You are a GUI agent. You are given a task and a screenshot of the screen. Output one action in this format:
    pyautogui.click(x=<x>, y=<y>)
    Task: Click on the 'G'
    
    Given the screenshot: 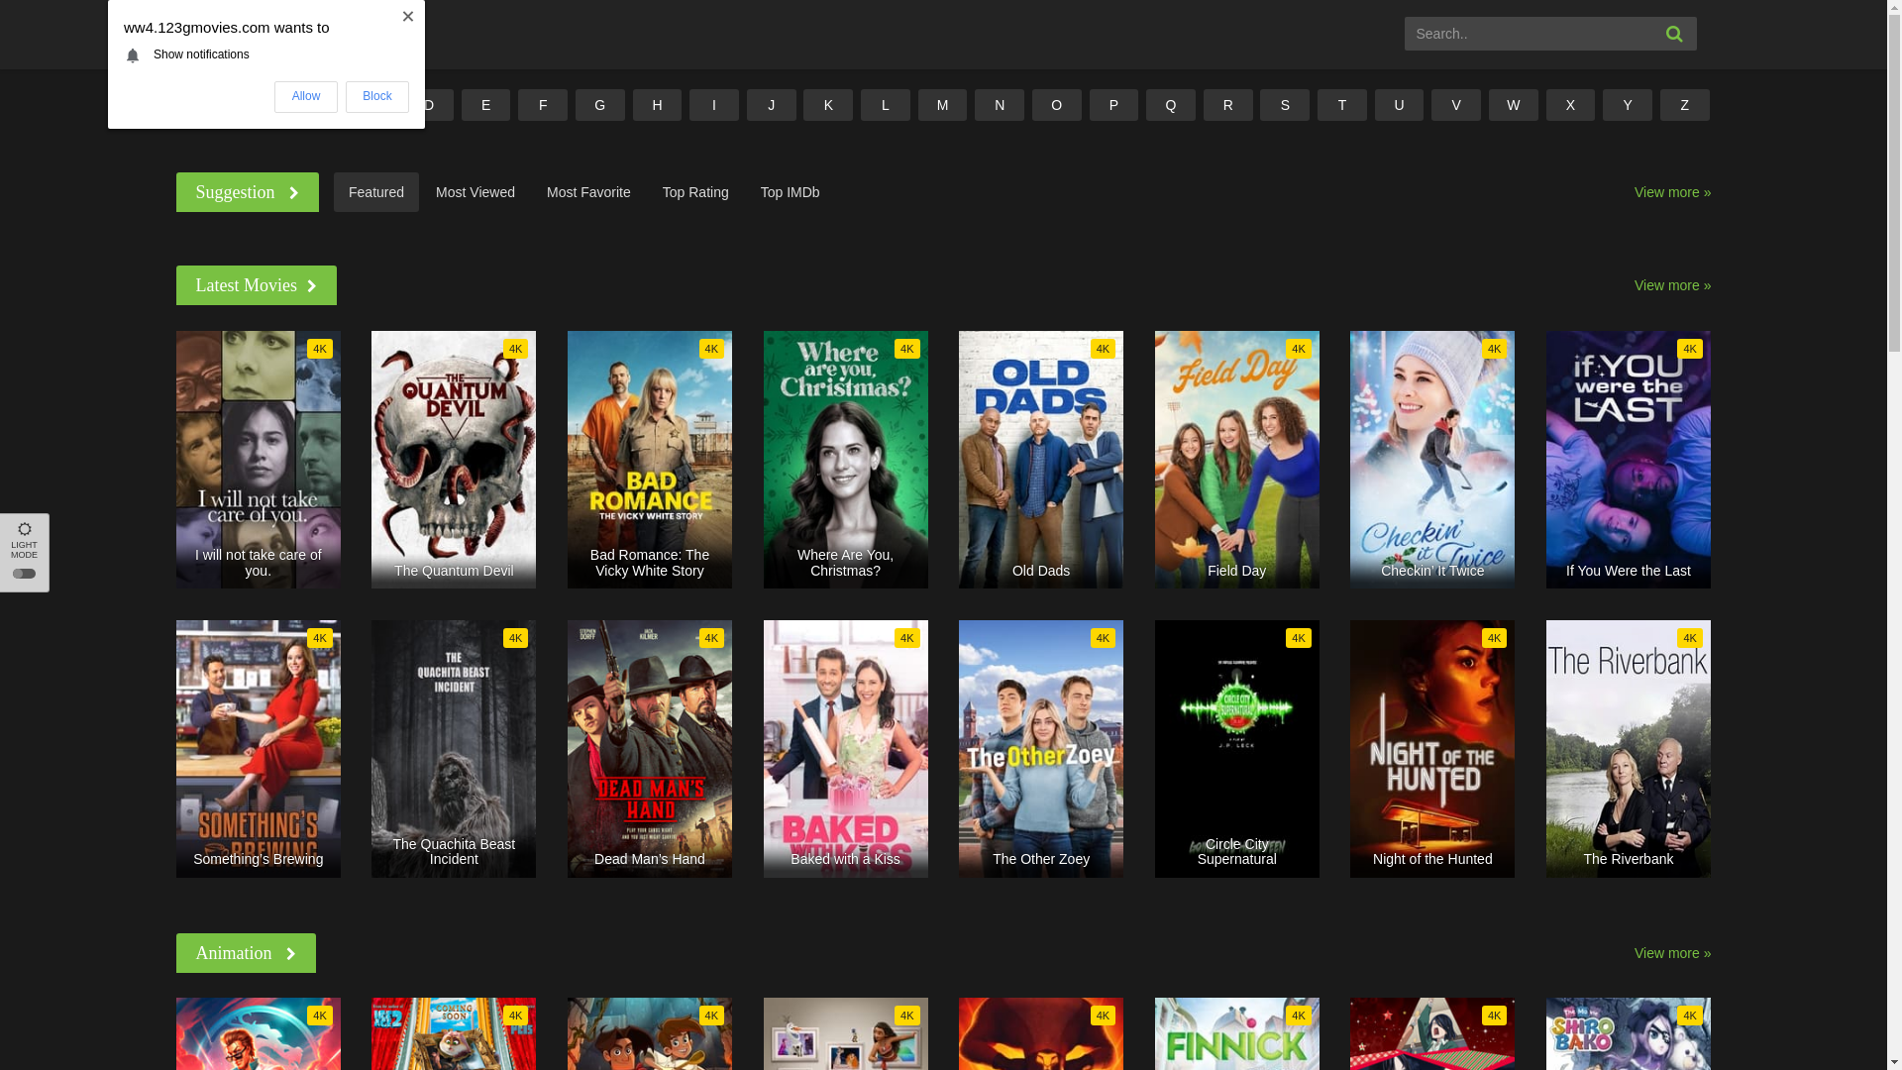 What is the action you would take?
    pyautogui.click(x=598, y=104)
    